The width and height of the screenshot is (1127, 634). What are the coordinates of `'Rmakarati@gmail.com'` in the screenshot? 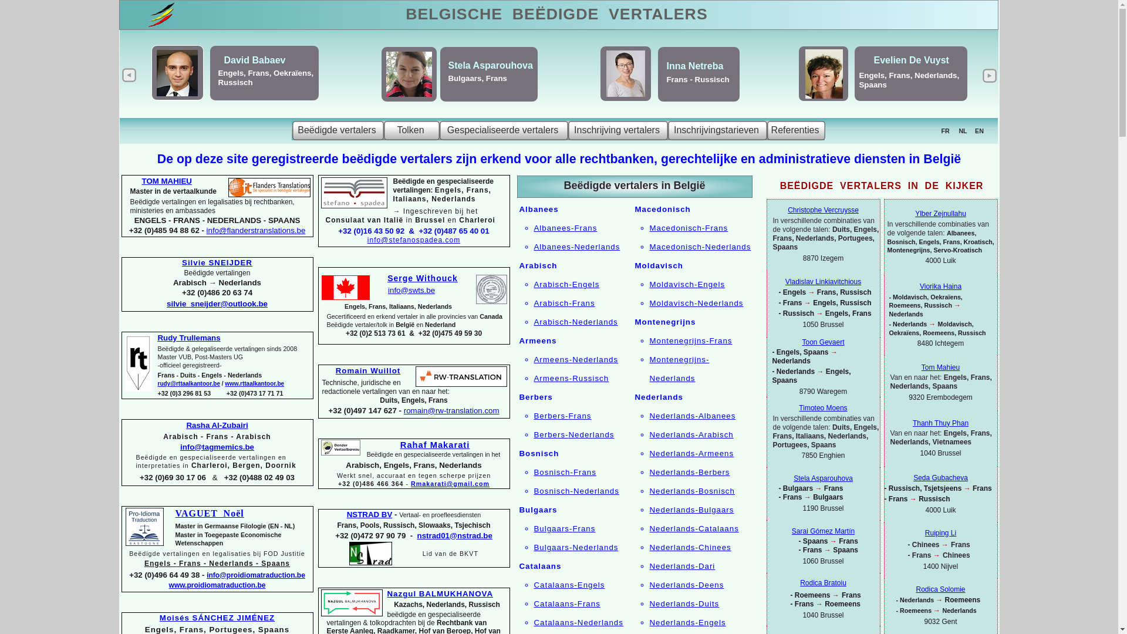 It's located at (411, 484).